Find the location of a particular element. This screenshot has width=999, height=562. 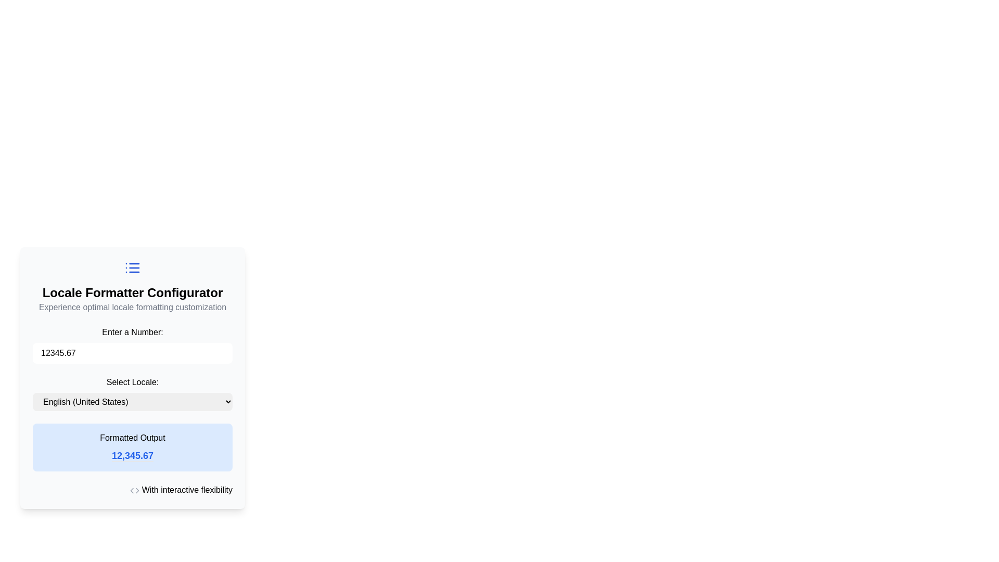

the number input field labeled 'Enter a Number:' is located at coordinates (132, 345).